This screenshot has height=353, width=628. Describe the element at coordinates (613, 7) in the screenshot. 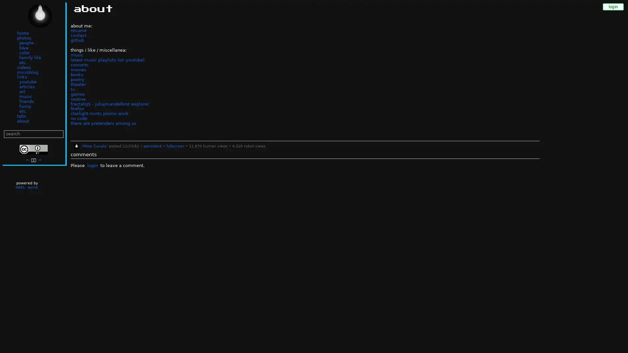

I see `login` at that location.